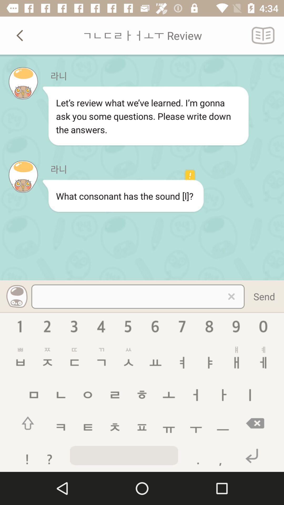 Image resolution: width=284 pixels, height=505 pixels. I want to click on the navigation icon, so click(182, 327).